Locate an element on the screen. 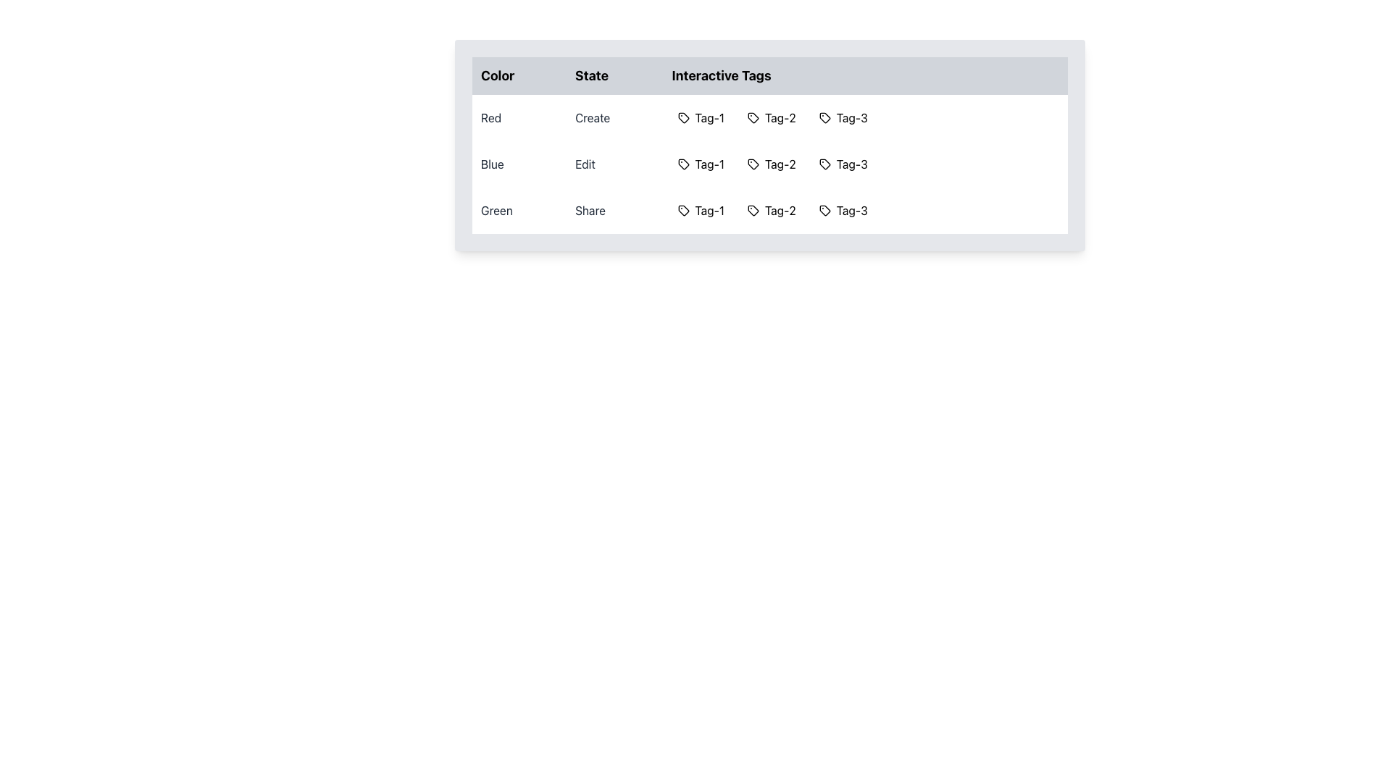 This screenshot has width=1391, height=782. the static text label indicating the action state for 'Red' in the table, located in the 'State' column next to 'Red' is located at coordinates (614, 117).